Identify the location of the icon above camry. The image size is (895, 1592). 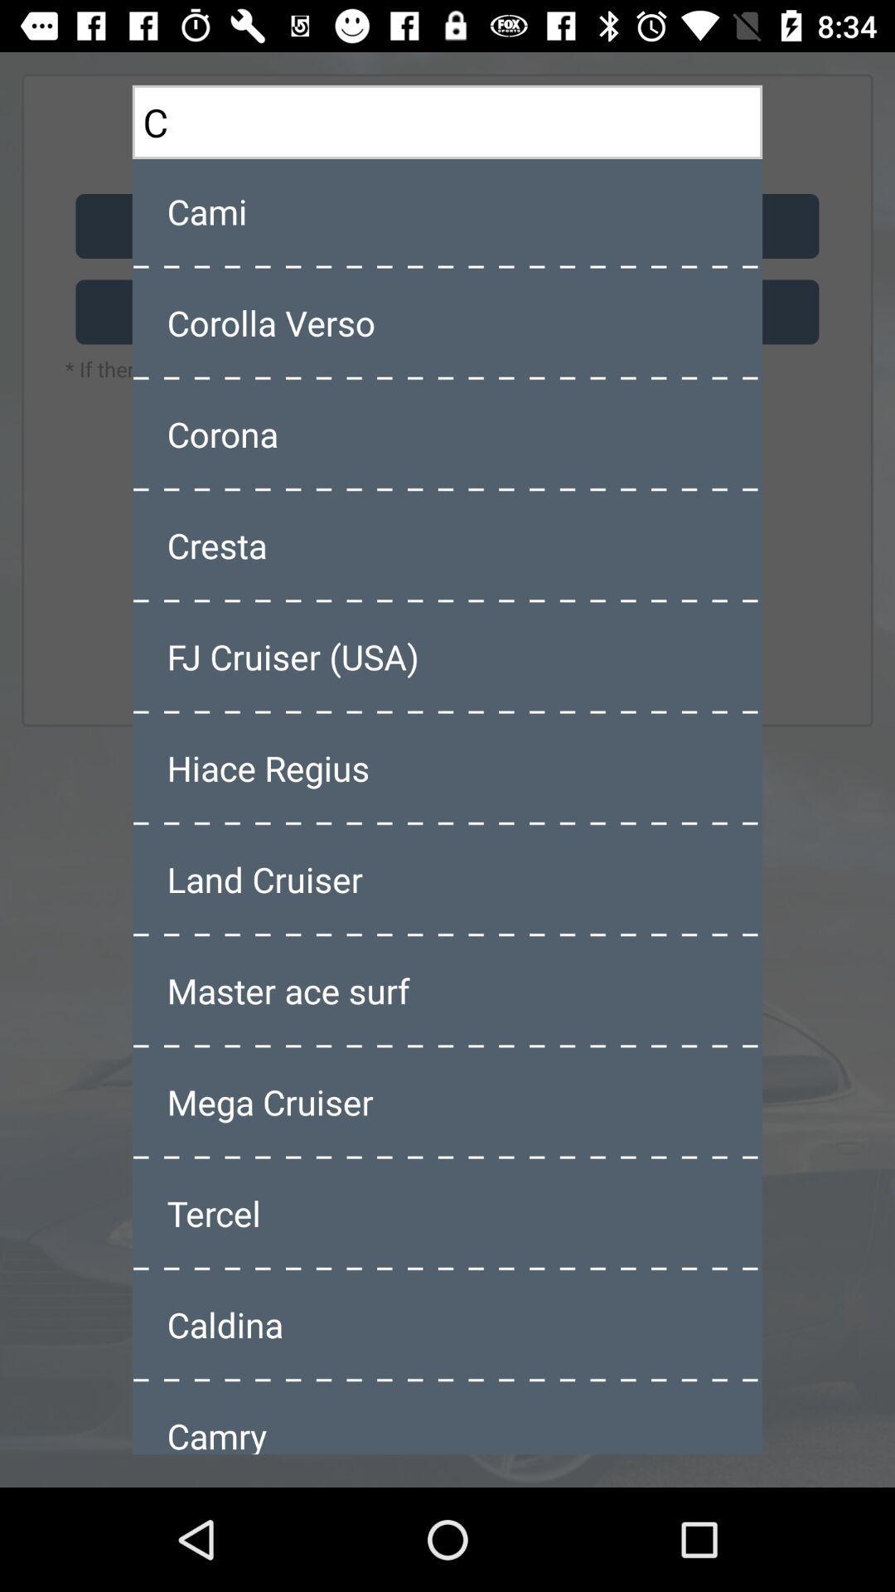
(447, 1323).